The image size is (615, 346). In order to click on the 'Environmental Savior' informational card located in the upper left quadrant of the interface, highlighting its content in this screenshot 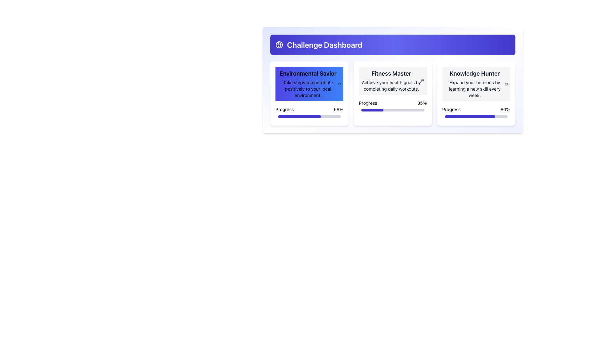, I will do `click(309, 84)`.